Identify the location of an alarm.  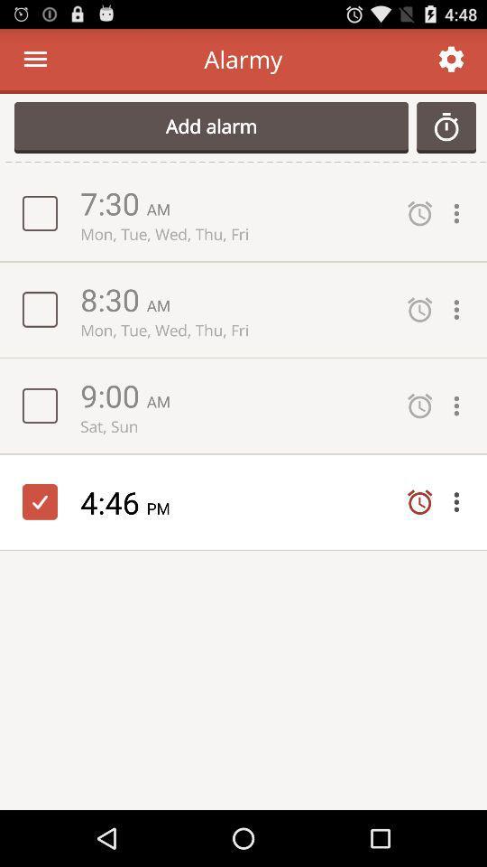
(446, 126).